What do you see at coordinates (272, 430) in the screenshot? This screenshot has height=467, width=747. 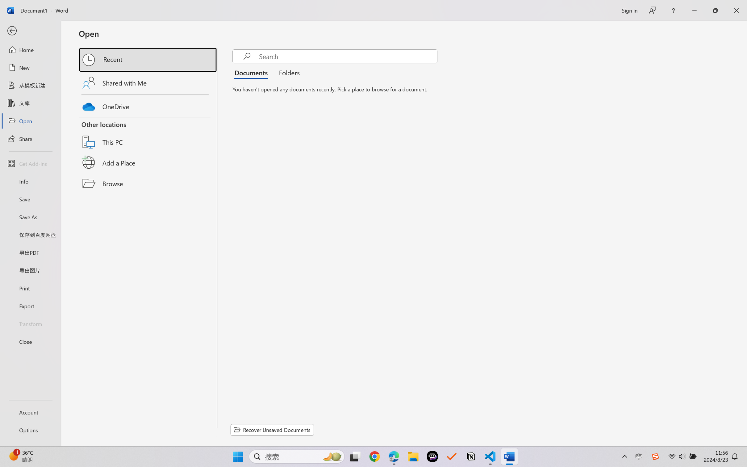 I see `'Recover Unsaved Documents'` at bounding box center [272, 430].